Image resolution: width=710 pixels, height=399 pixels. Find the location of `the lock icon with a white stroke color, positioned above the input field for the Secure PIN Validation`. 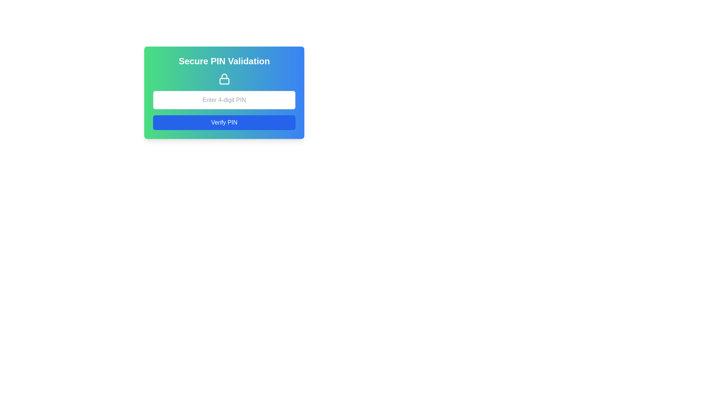

the lock icon with a white stroke color, positioned above the input field for the Secure PIN Validation is located at coordinates (224, 79).